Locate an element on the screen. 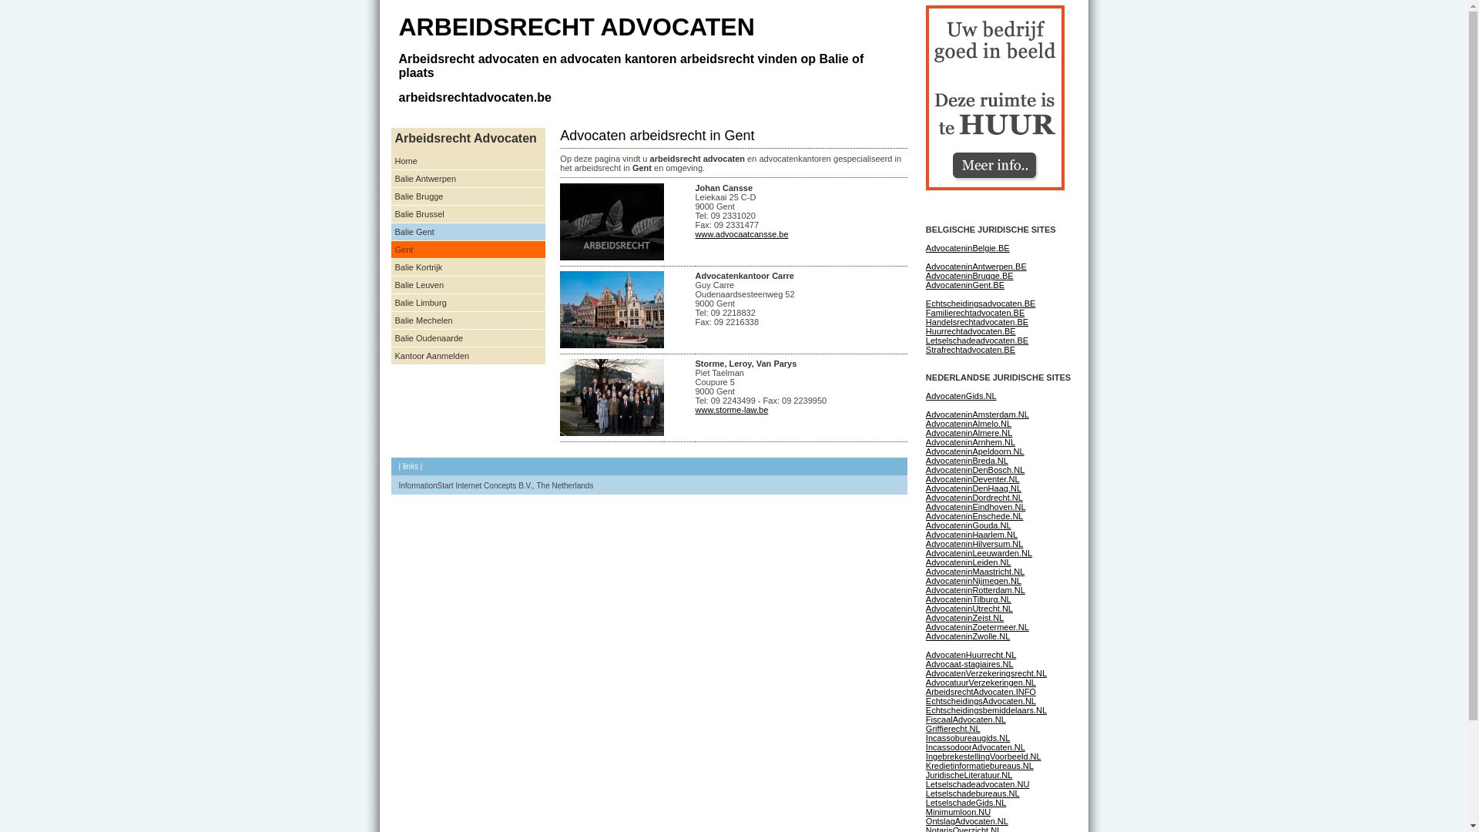 The image size is (1479, 832). 'AdvocateninLeeuwarden.NL' is located at coordinates (978, 552).